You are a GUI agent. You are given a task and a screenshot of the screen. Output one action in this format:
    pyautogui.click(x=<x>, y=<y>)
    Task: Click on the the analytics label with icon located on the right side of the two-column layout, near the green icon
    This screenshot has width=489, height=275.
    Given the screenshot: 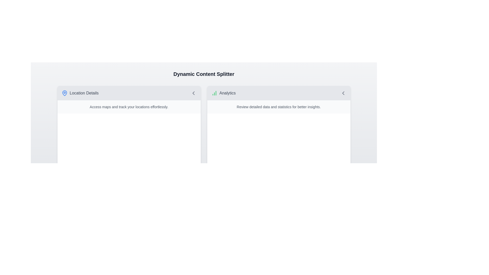 What is the action you would take?
    pyautogui.click(x=223, y=93)
    